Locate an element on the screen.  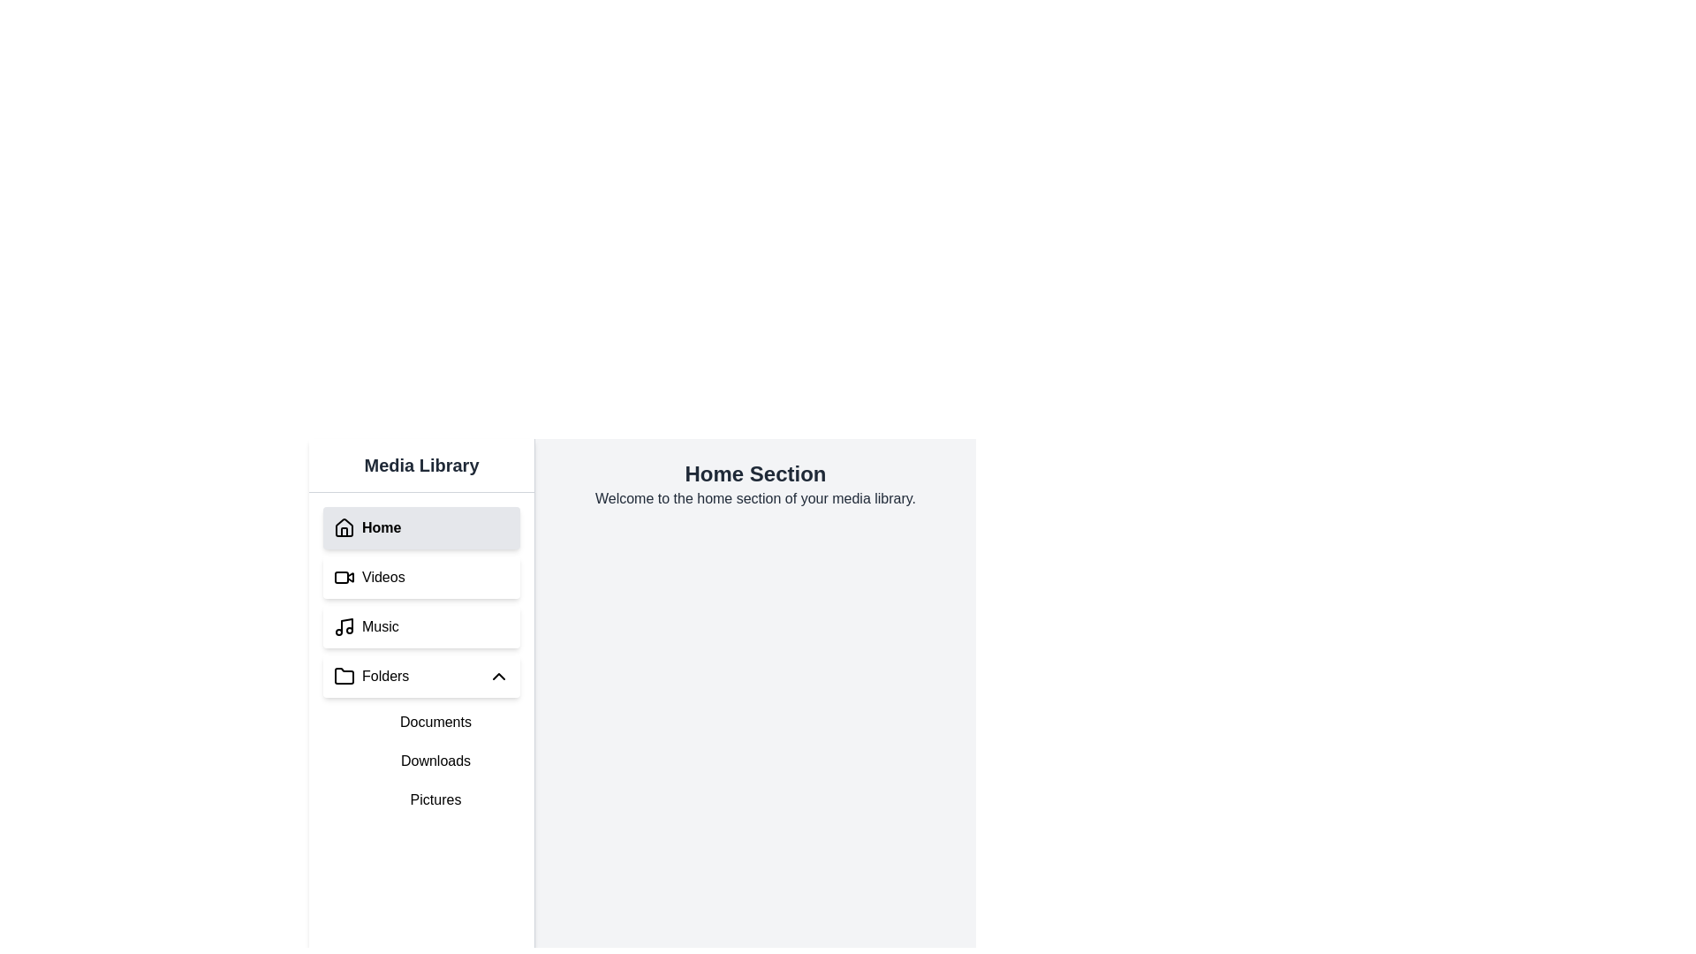
the 'Home' icon located in the sidebar navigation menu, which is the first icon to the left of the 'Home' text label is located at coordinates (344, 526).